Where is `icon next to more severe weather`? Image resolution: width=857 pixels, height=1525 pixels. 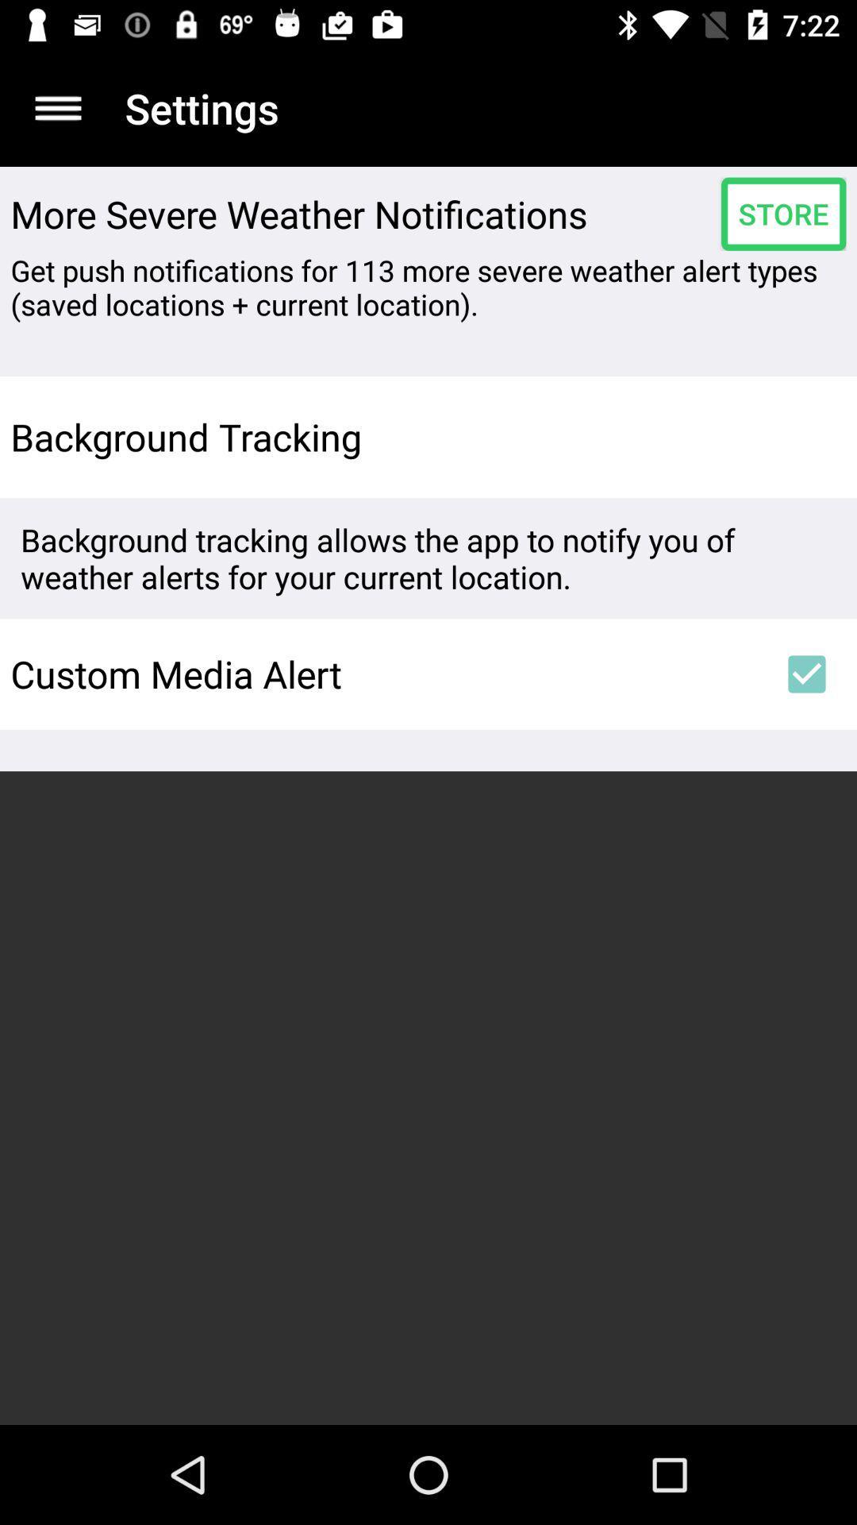 icon next to more severe weather is located at coordinates (782, 213).